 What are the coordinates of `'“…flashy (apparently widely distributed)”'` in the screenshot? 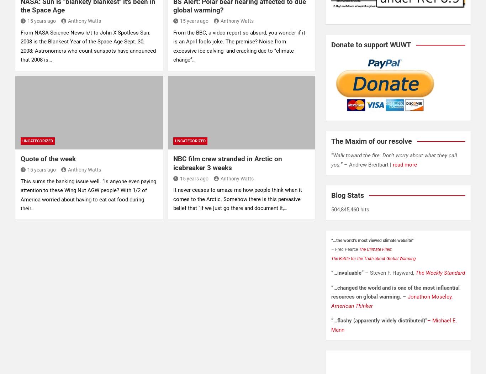 It's located at (379, 321).